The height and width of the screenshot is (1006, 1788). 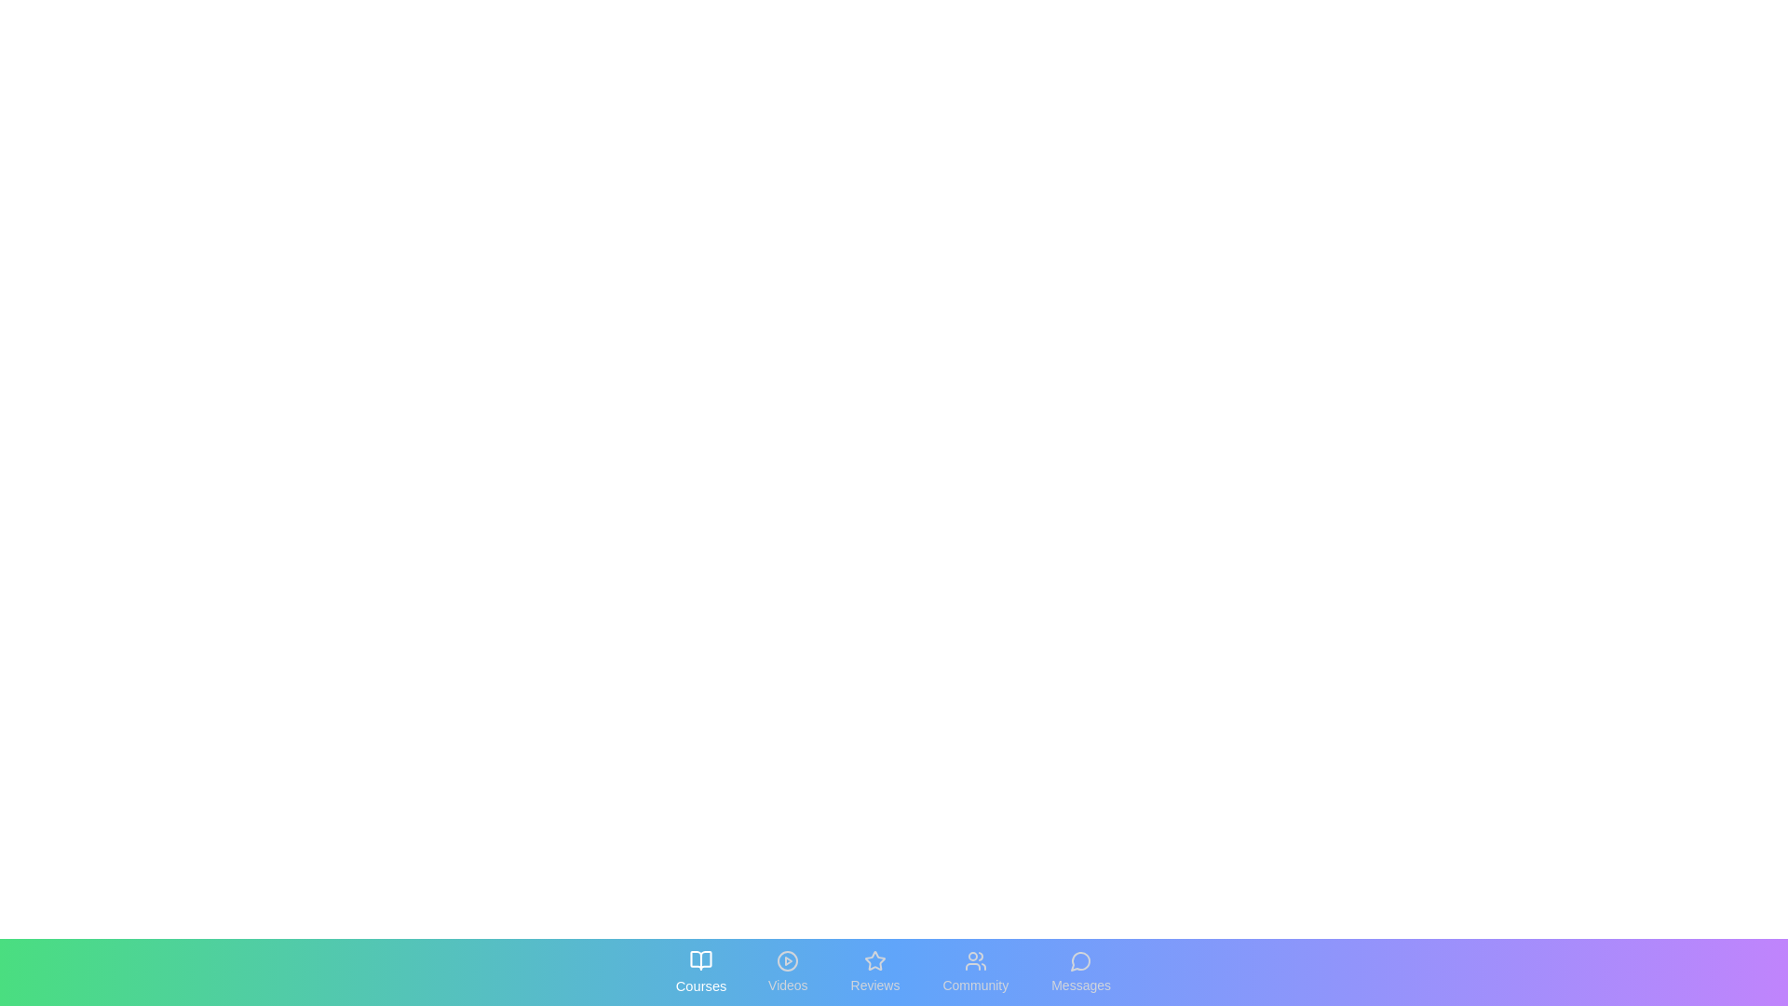 What do you see at coordinates (787, 972) in the screenshot?
I see `the tab labeled Videos` at bounding box center [787, 972].